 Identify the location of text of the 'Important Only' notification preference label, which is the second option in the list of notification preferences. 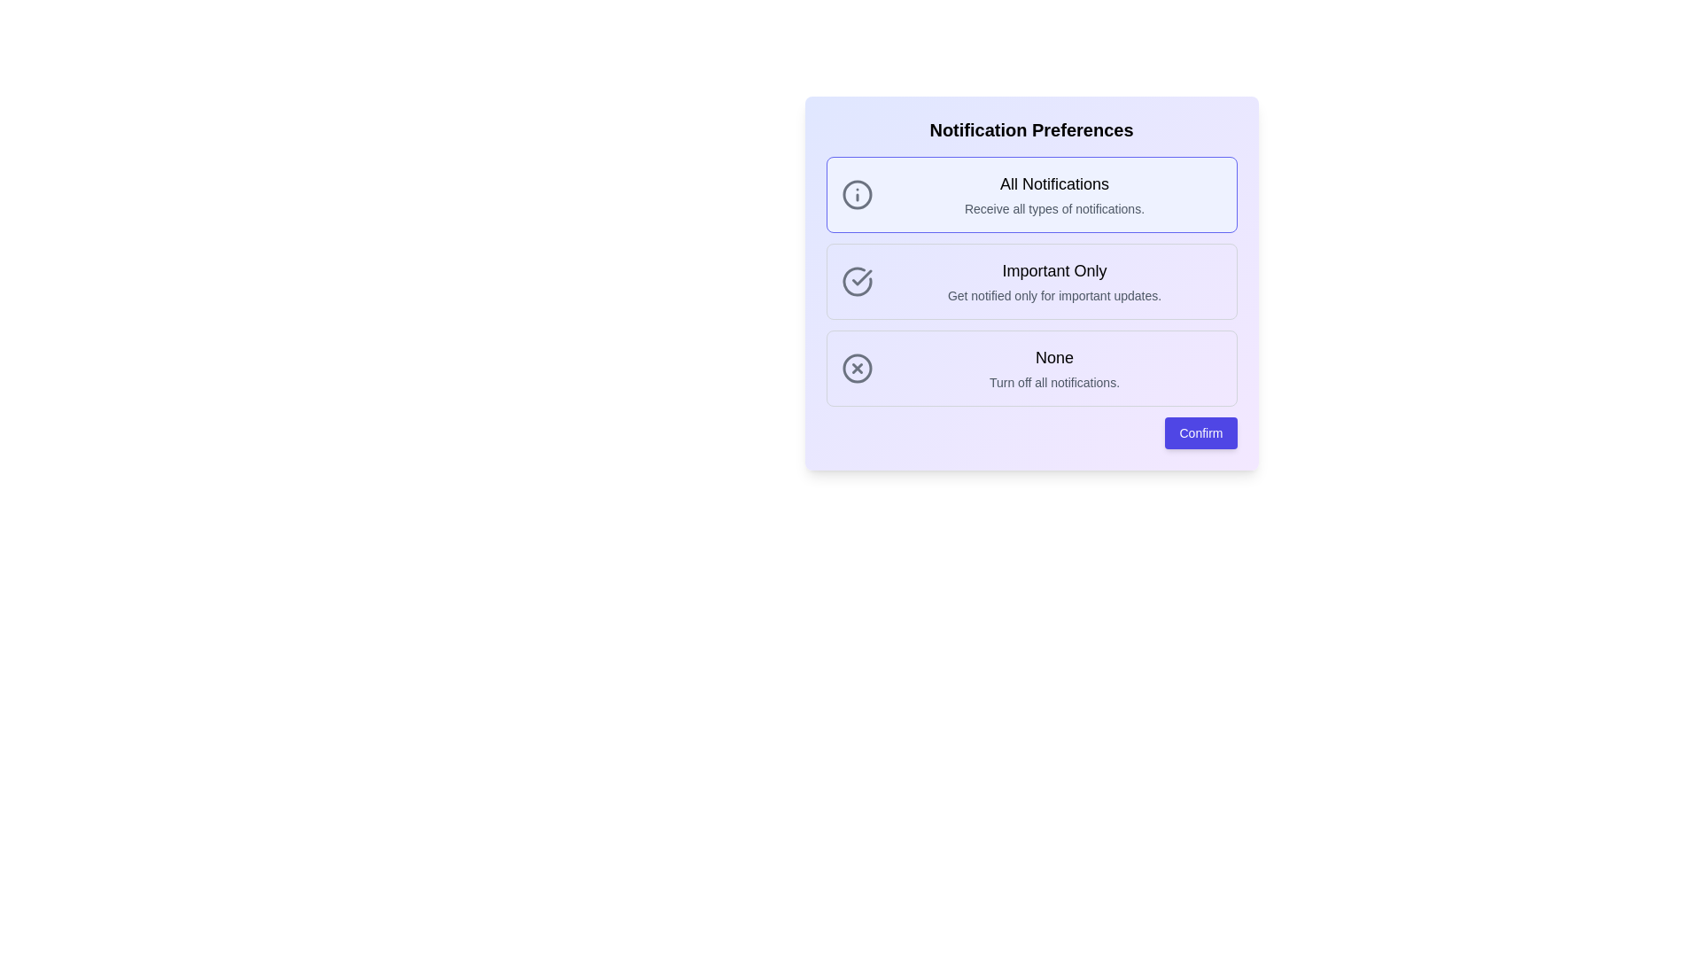
(1054, 280).